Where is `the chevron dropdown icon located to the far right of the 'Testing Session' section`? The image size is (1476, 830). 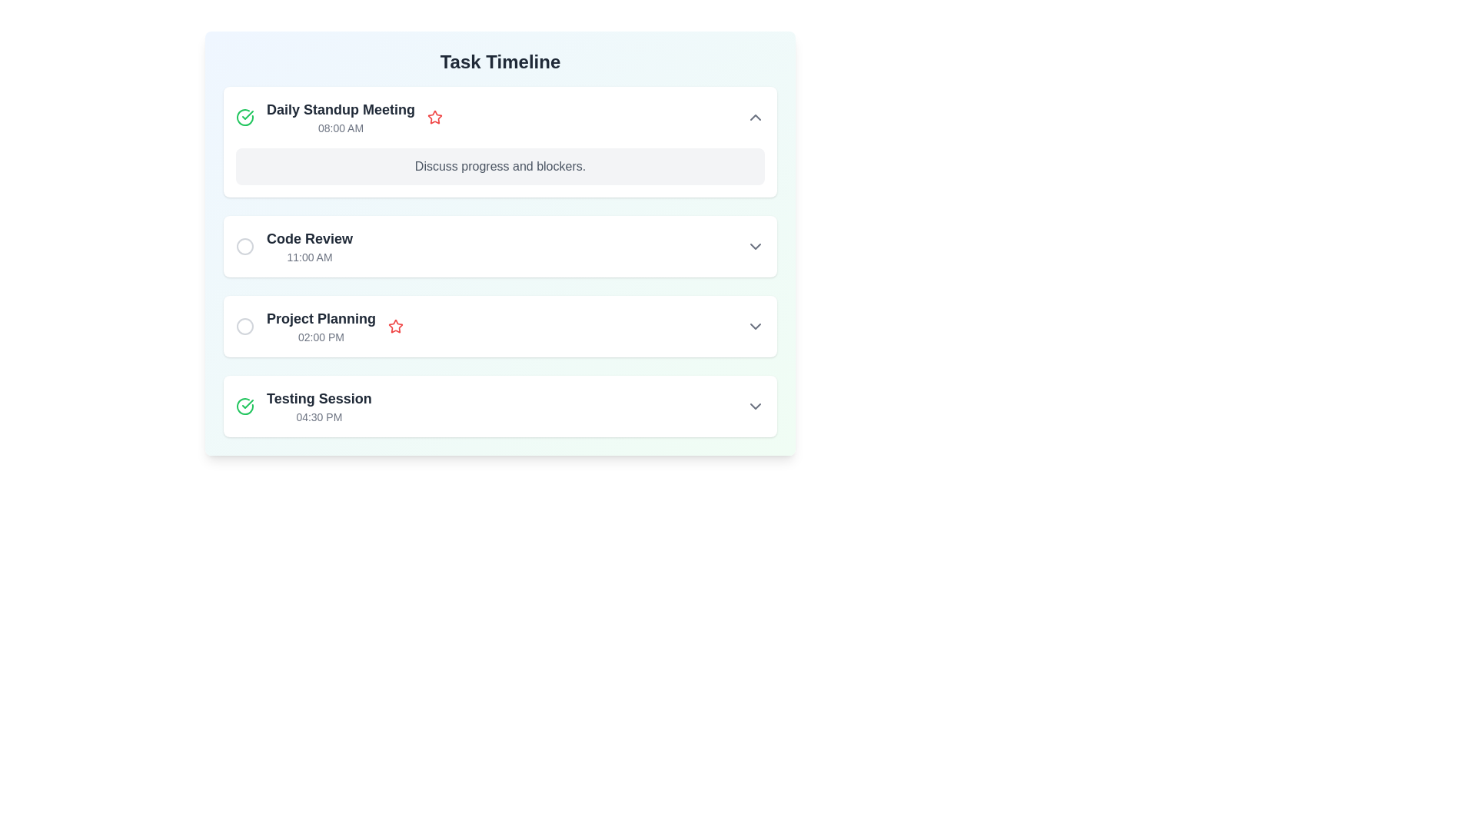 the chevron dropdown icon located to the far right of the 'Testing Session' section is located at coordinates (756, 405).